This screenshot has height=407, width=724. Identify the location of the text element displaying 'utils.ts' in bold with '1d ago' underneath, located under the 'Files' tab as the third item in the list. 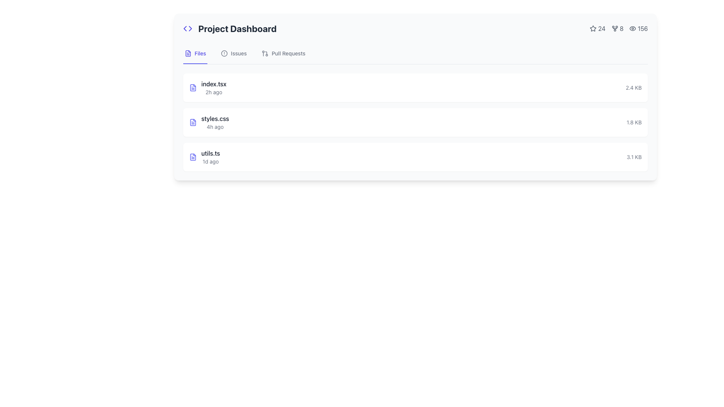
(210, 156).